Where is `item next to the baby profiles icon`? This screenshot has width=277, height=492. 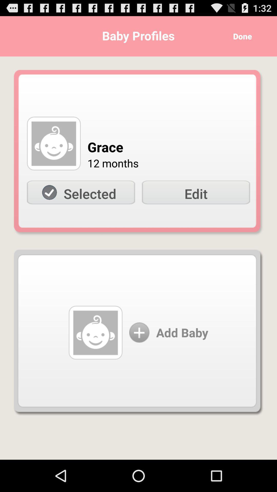
item next to the baby profiles icon is located at coordinates (241, 36).